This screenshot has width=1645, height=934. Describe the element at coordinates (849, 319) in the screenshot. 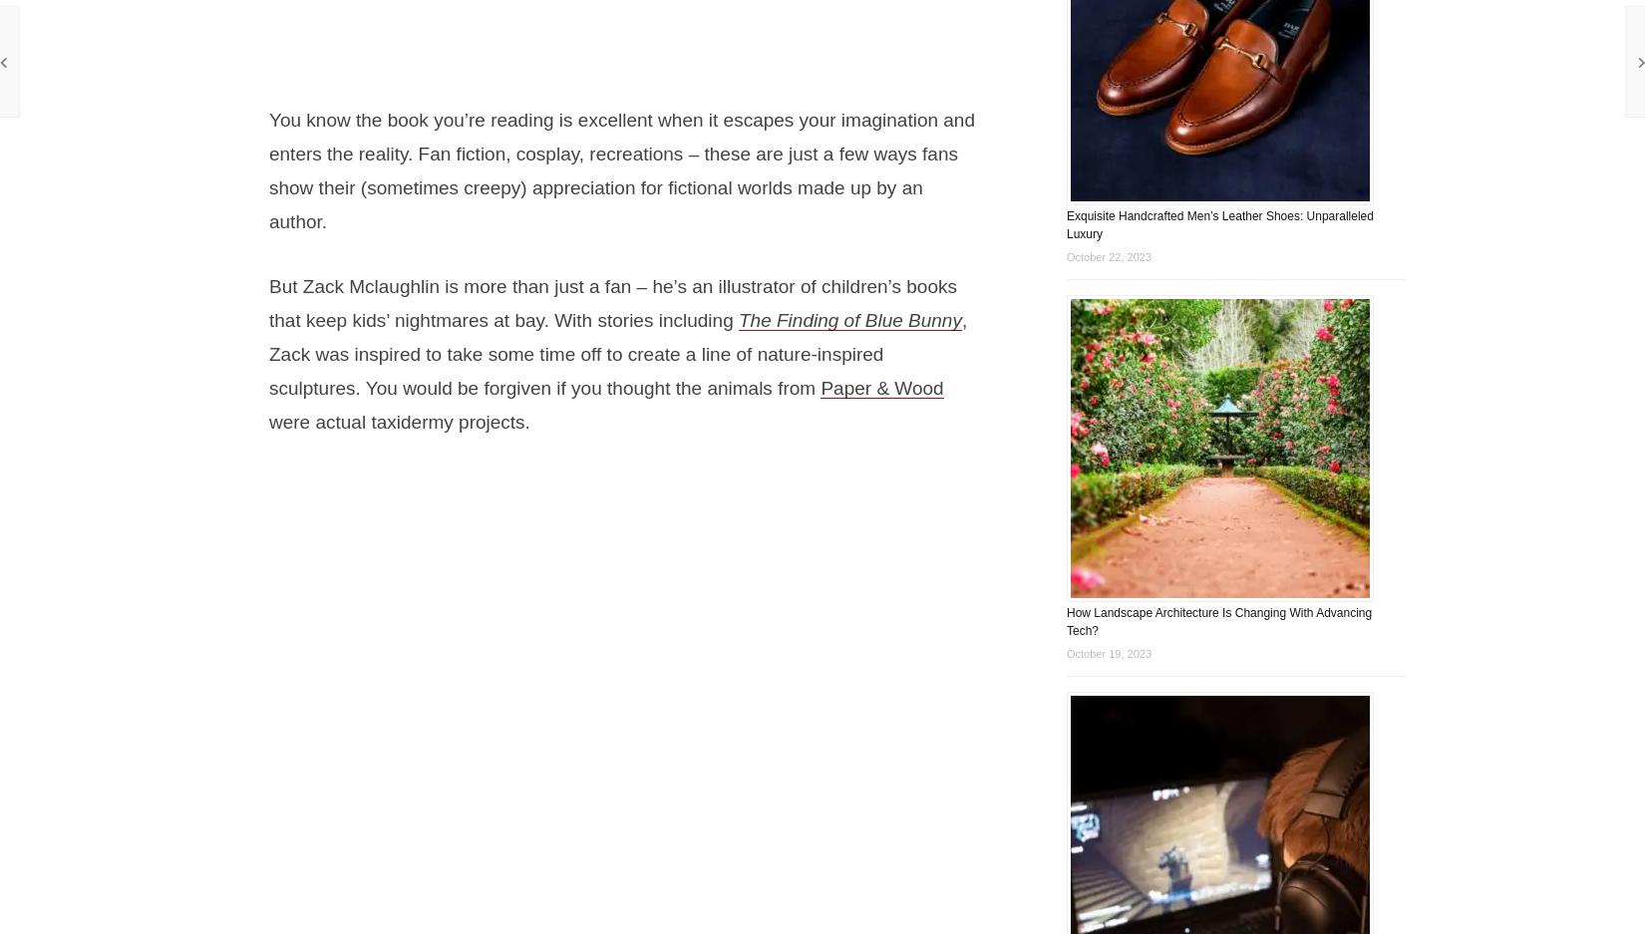

I see `'The Finding of Blue Bunny'` at that location.